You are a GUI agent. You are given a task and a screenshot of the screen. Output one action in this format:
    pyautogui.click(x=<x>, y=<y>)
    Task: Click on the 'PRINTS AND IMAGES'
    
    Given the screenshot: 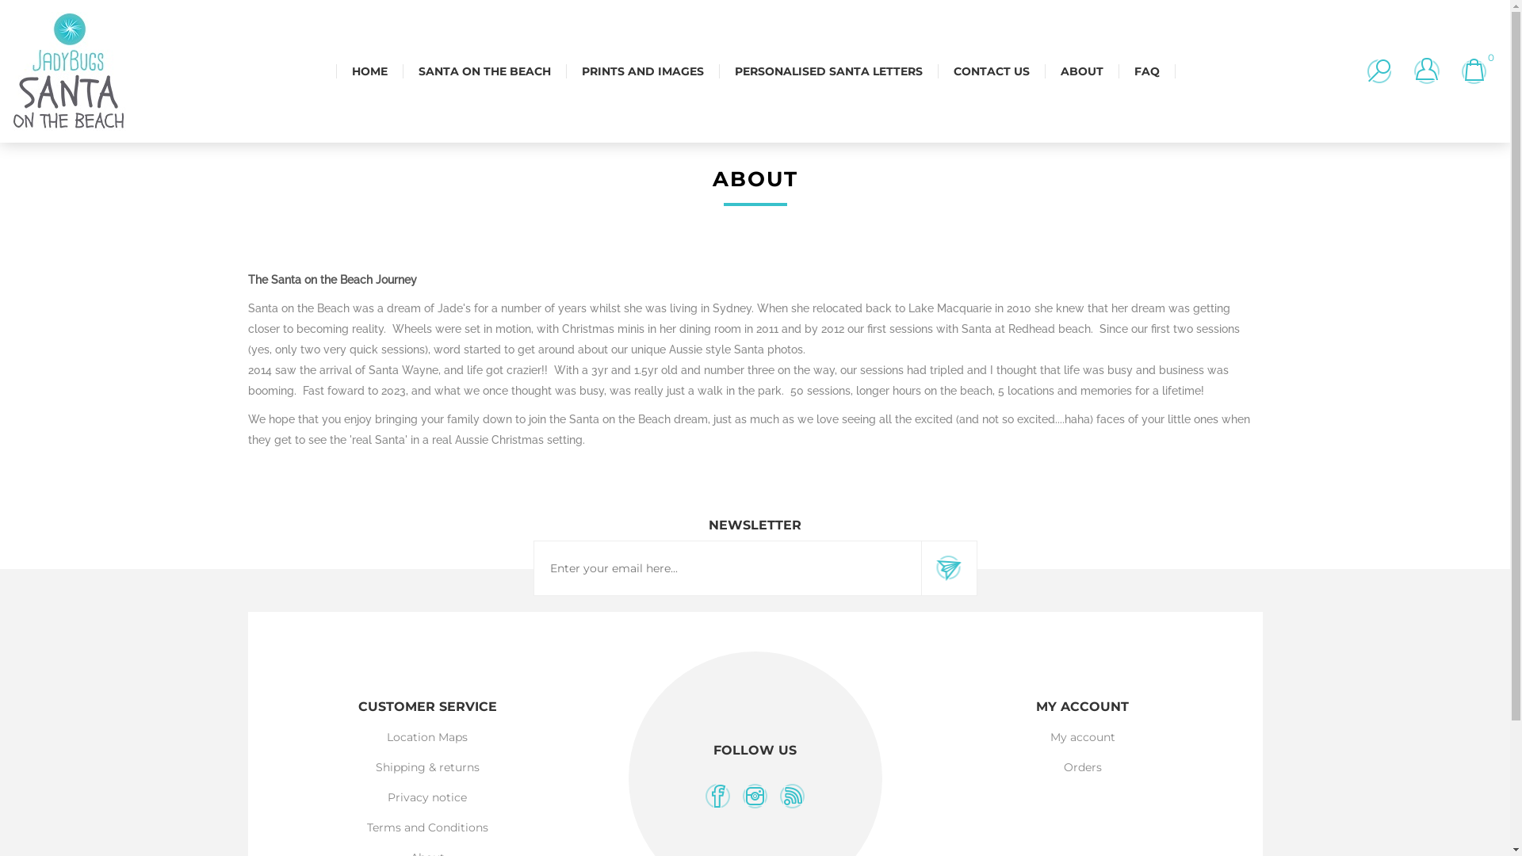 What is the action you would take?
    pyautogui.click(x=643, y=70)
    